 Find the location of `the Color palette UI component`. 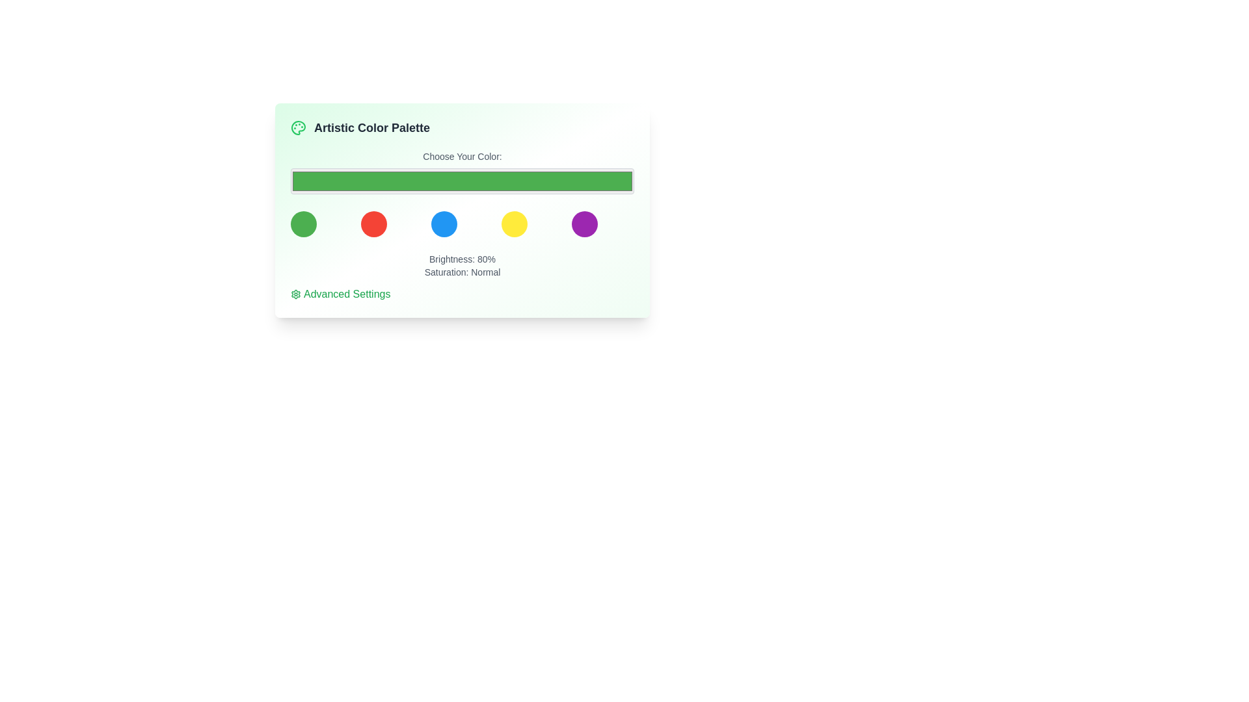

the Color palette UI component is located at coordinates (462, 235).